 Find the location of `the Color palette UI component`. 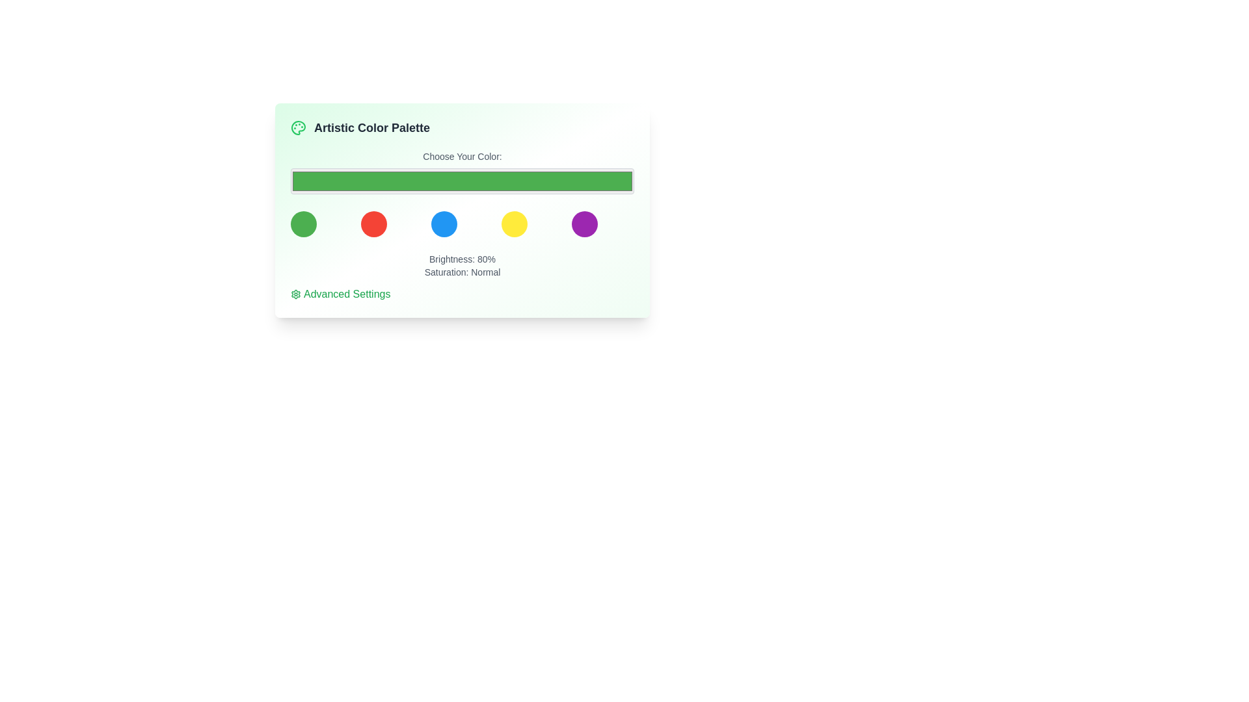

the Color palette UI component is located at coordinates (462, 235).